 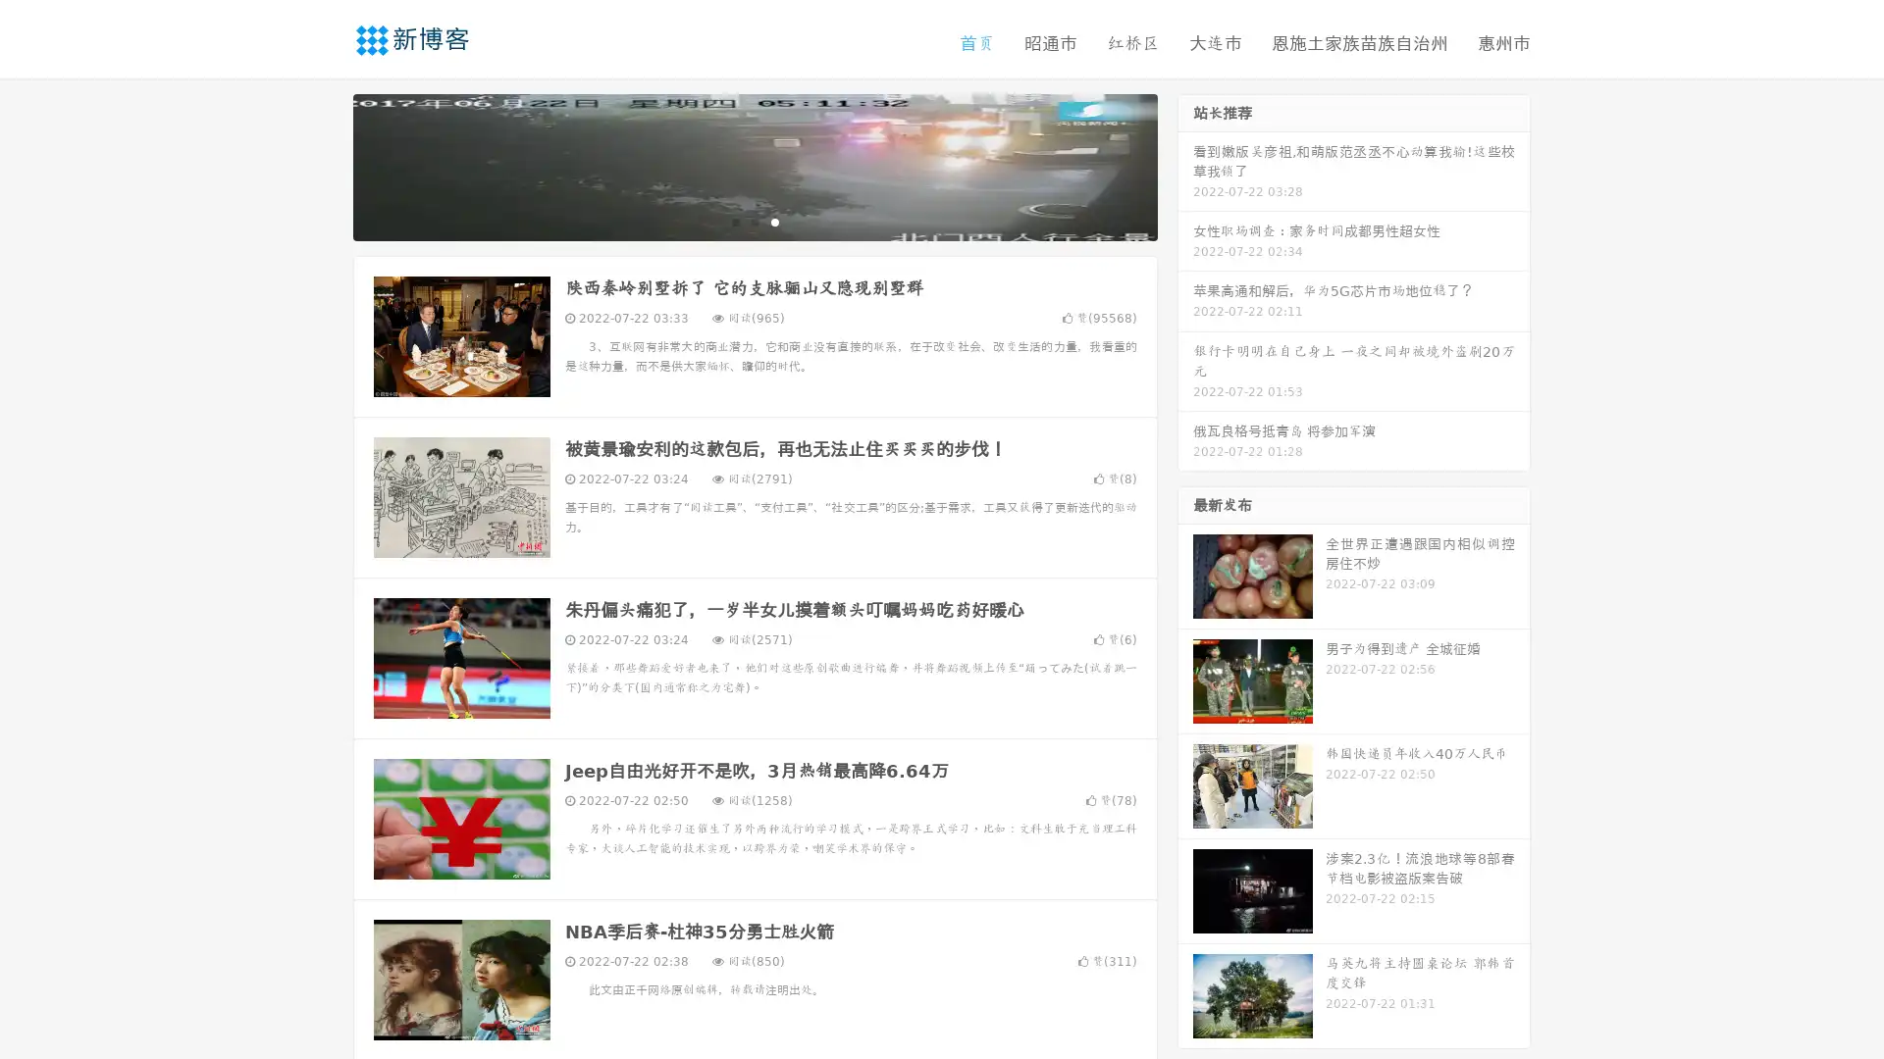 I want to click on Previous slide, so click(x=324, y=165).